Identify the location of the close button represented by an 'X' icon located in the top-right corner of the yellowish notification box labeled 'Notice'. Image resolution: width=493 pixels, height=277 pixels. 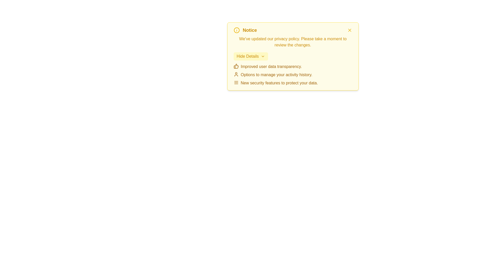
(349, 30).